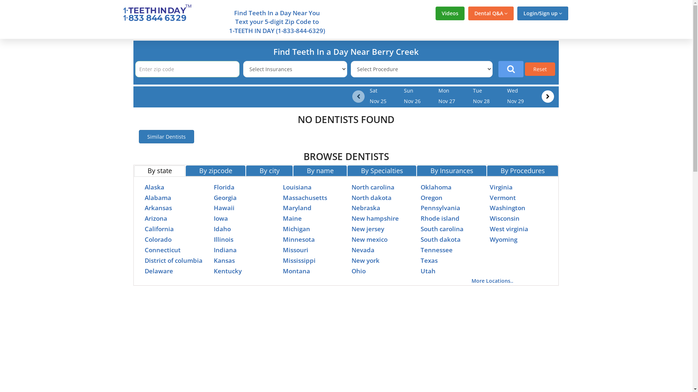 The height and width of the screenshot is (392, 698). I want to click on 'Oregon', so click(420, 197).